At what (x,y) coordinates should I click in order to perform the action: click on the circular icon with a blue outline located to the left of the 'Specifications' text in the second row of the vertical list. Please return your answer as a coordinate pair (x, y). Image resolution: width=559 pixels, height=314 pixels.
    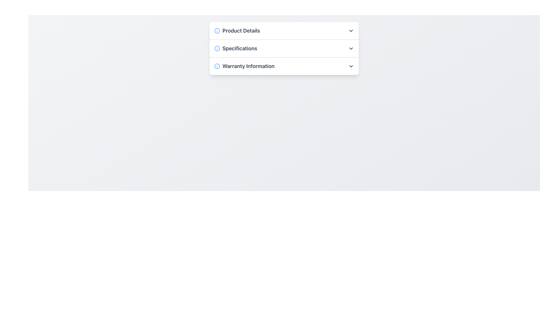
    Looking at the image, I should click on (217, 48).